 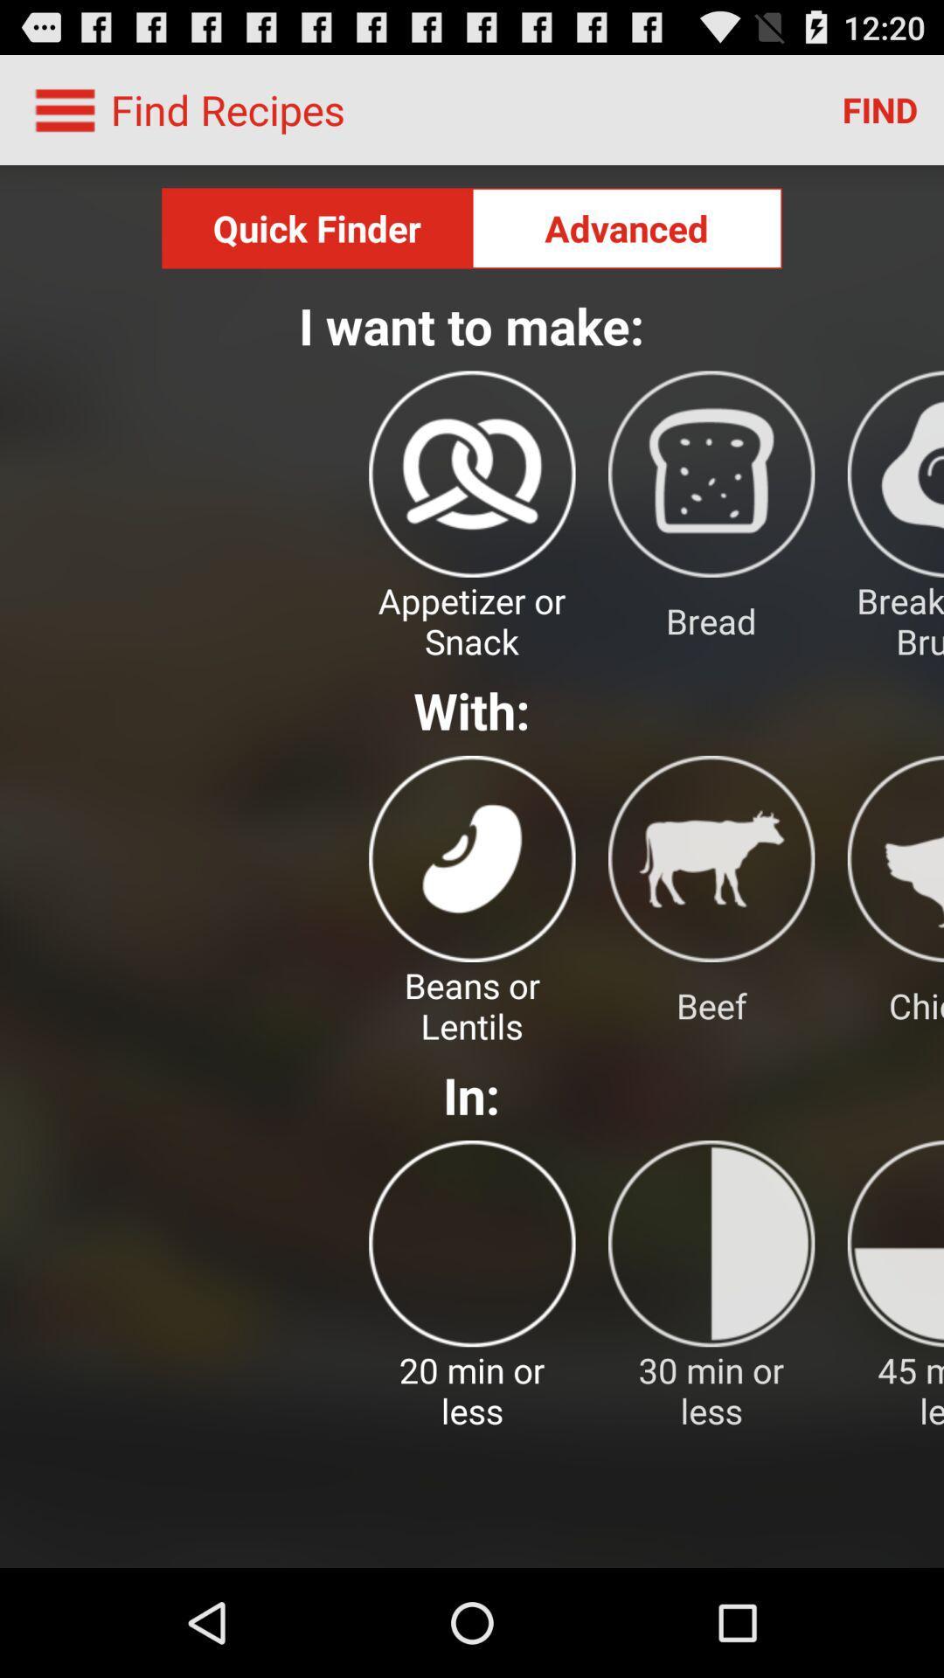 I want to click on the advanced, so click(x=626, y=227).